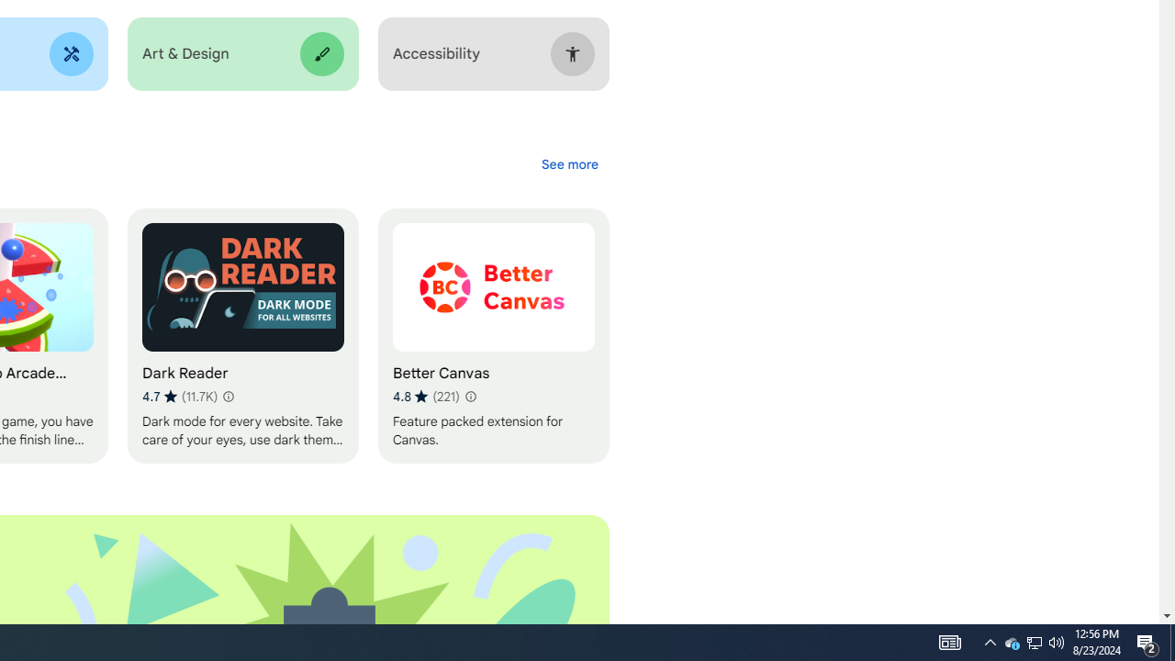 This screenshot has height=661, width=1175. What do you see at coordinates (226, 396) in the screenshot?
I see `'Learn more about results and reviews "Dark Reader"'` at bounding box center [226, 396].